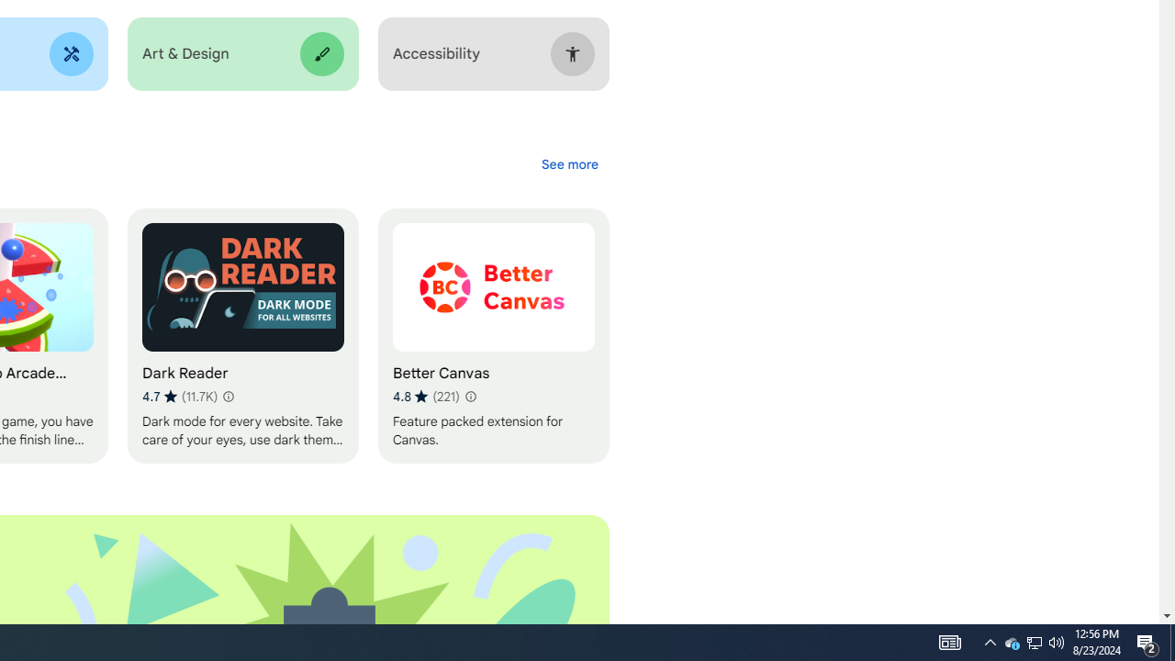 This screenshot has height=661, width=1175. What do you see at coordinates (226, 396) in the screenshot?
I see `'Learn more about results and reviews "Dark Reader"'` at bounding box center [226, 396].